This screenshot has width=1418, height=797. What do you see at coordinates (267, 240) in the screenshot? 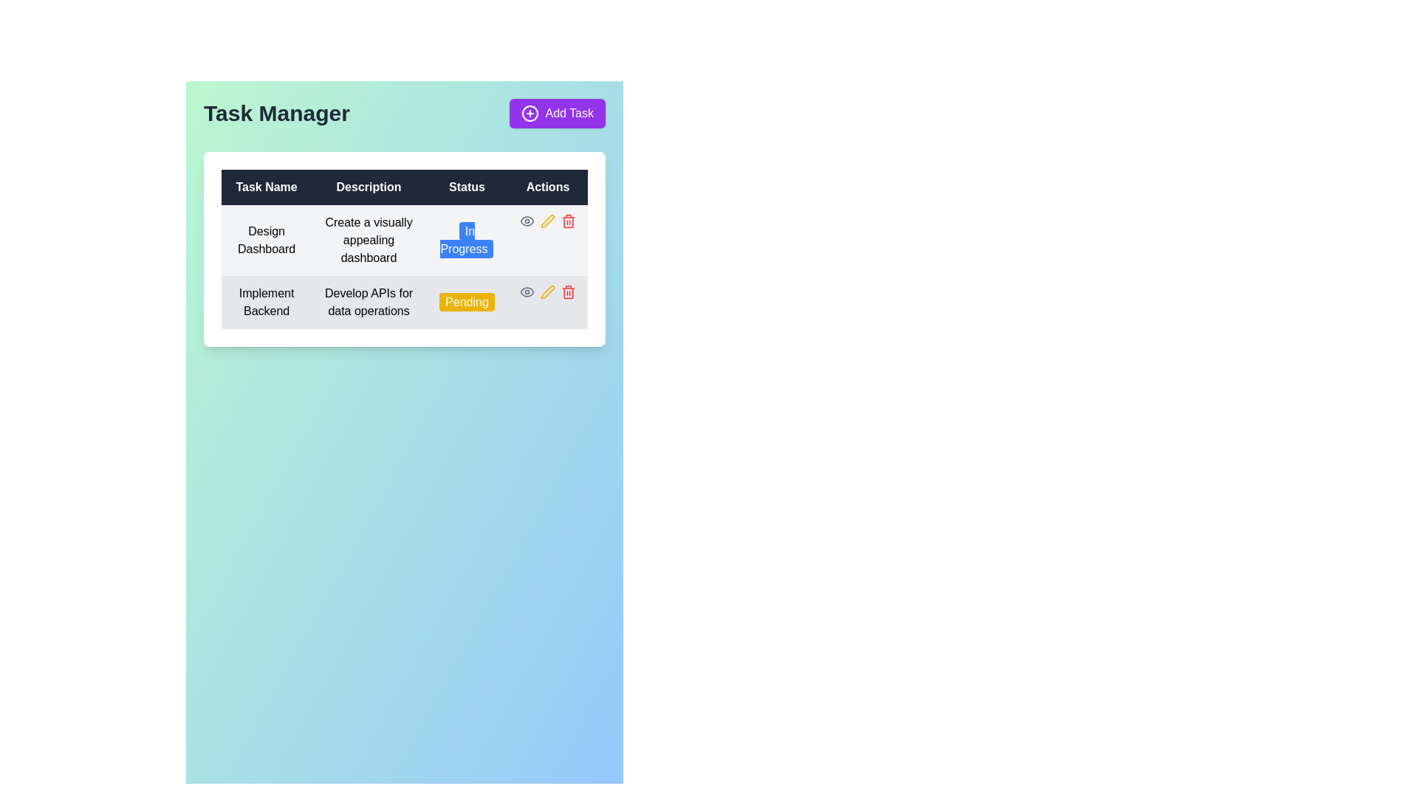
I see `the 'Design Dashboard' text display located in the first row of the 'Task Name' column in the table` at bounding box center [267, 240].